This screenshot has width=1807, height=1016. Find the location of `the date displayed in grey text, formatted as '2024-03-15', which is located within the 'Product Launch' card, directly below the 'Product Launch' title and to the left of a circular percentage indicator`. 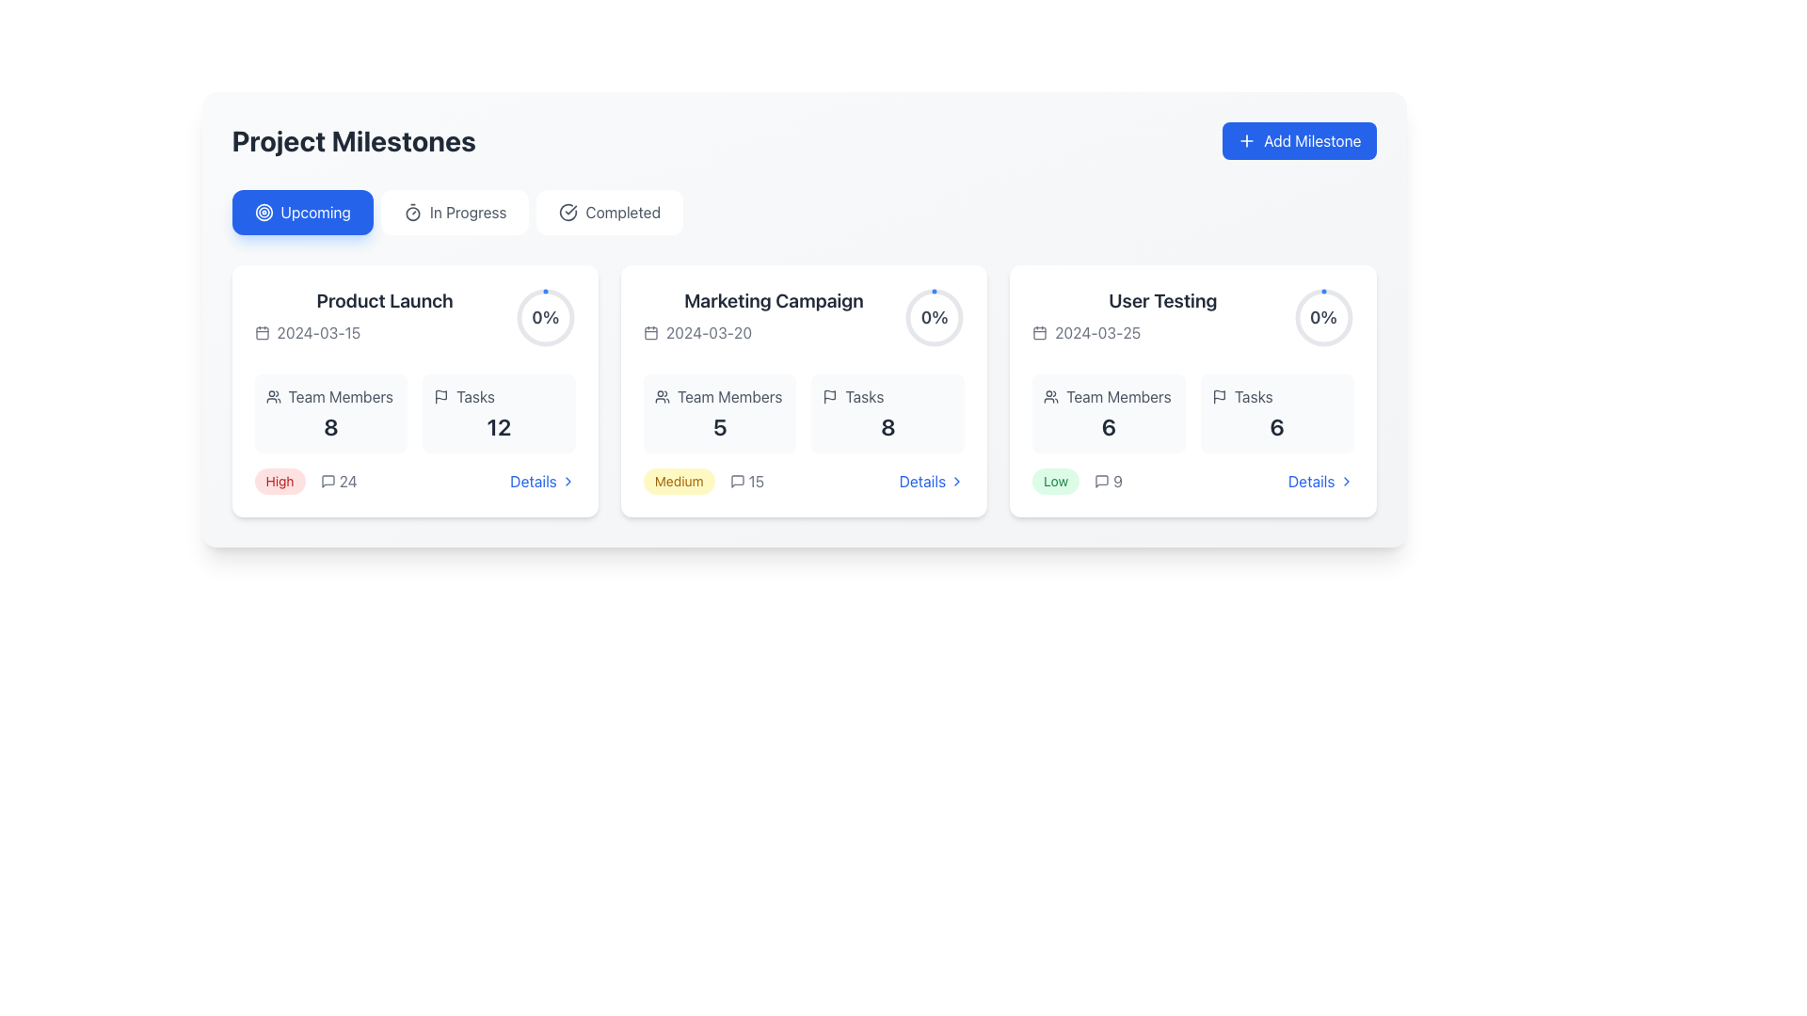

the date displayed in grey text, formatted as '2024-03-15', which is located within the 'Product Launch' card, directly below the 'Product Launch' title and to the left of a circular percentage indicator is located at coordinates (384, 332).